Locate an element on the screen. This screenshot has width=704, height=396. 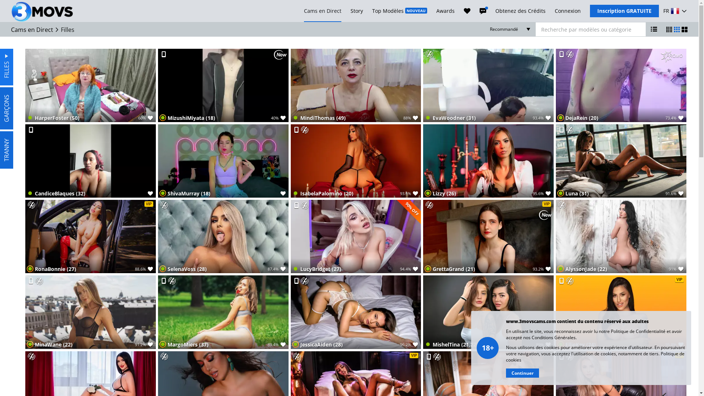
'ShivaMurray (18)' is located at coordinates (223, 161).